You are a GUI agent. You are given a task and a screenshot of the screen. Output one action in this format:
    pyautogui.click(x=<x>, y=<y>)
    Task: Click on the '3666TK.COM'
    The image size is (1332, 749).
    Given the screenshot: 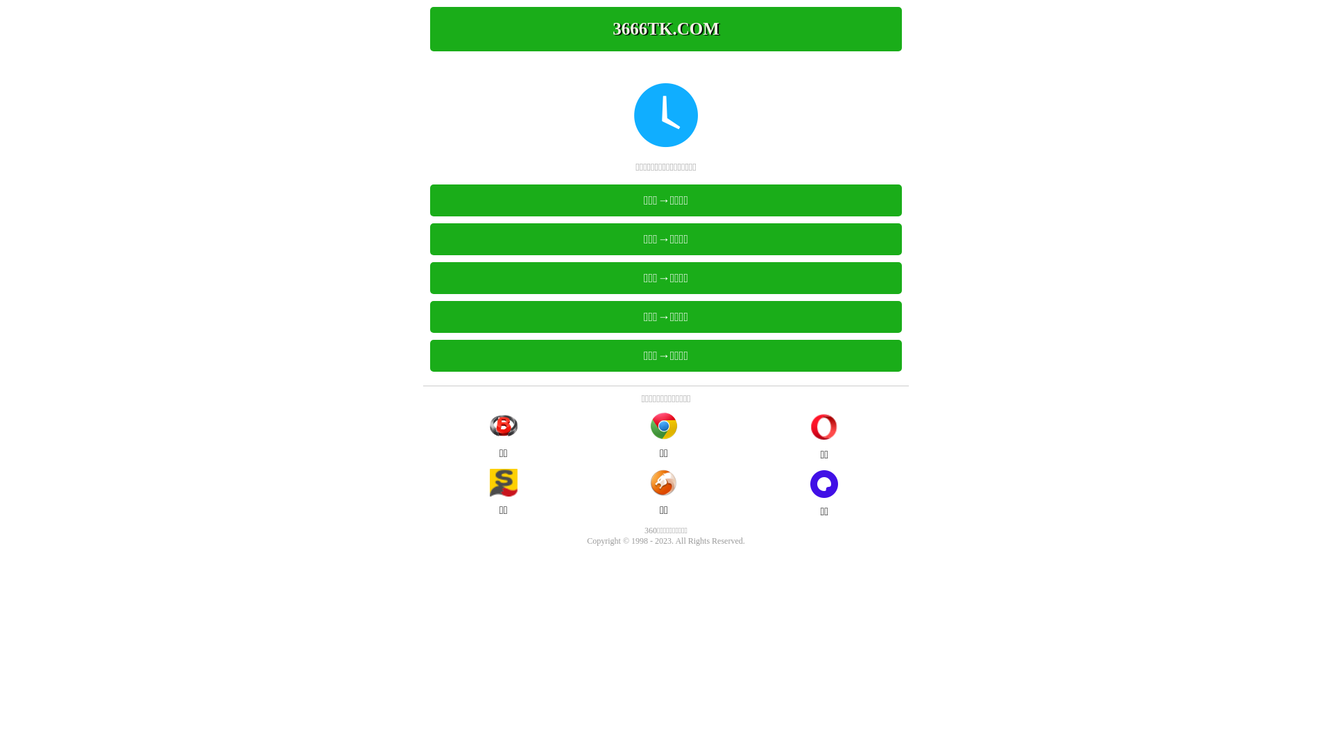 What is the action you would take?
    pyautogui.click(x=666, y=29)
    